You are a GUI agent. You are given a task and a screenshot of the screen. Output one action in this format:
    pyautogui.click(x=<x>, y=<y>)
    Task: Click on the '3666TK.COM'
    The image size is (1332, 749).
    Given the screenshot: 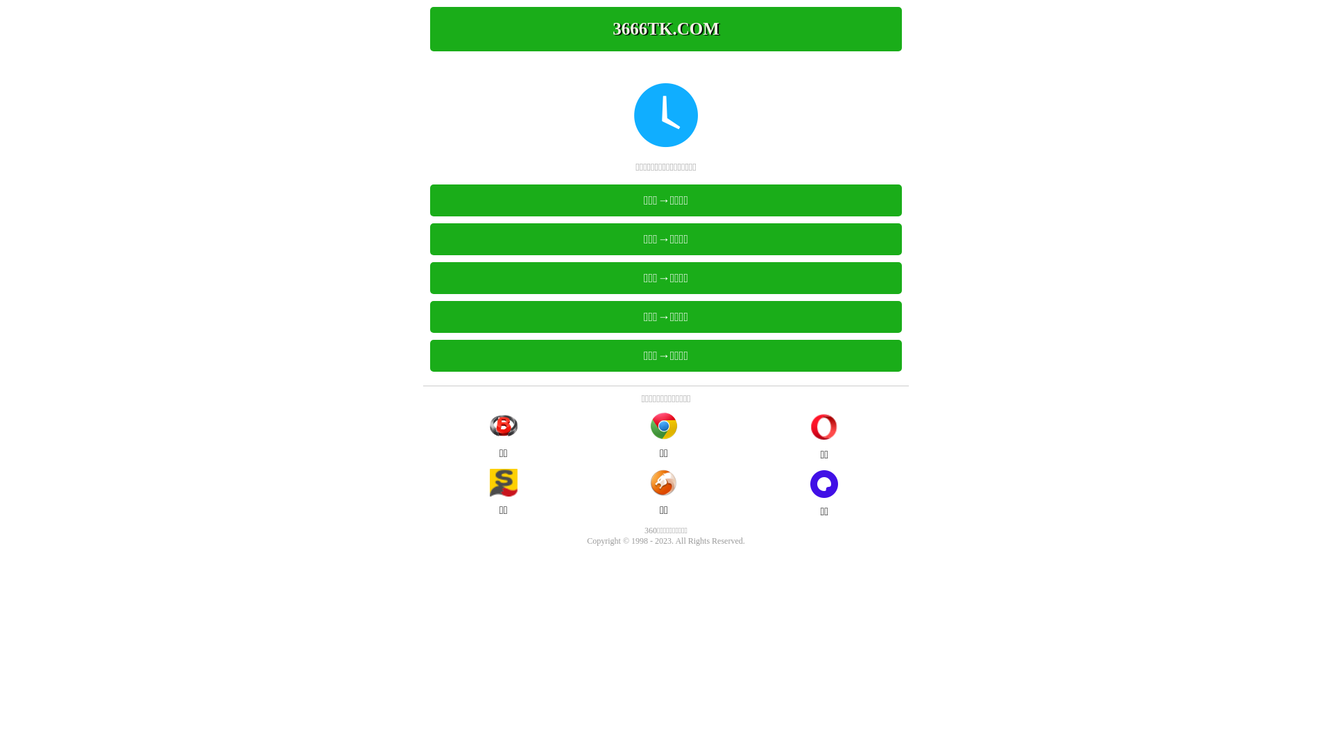 What is the action you would take?
    pyautogui.click(x=666, y=29)
    